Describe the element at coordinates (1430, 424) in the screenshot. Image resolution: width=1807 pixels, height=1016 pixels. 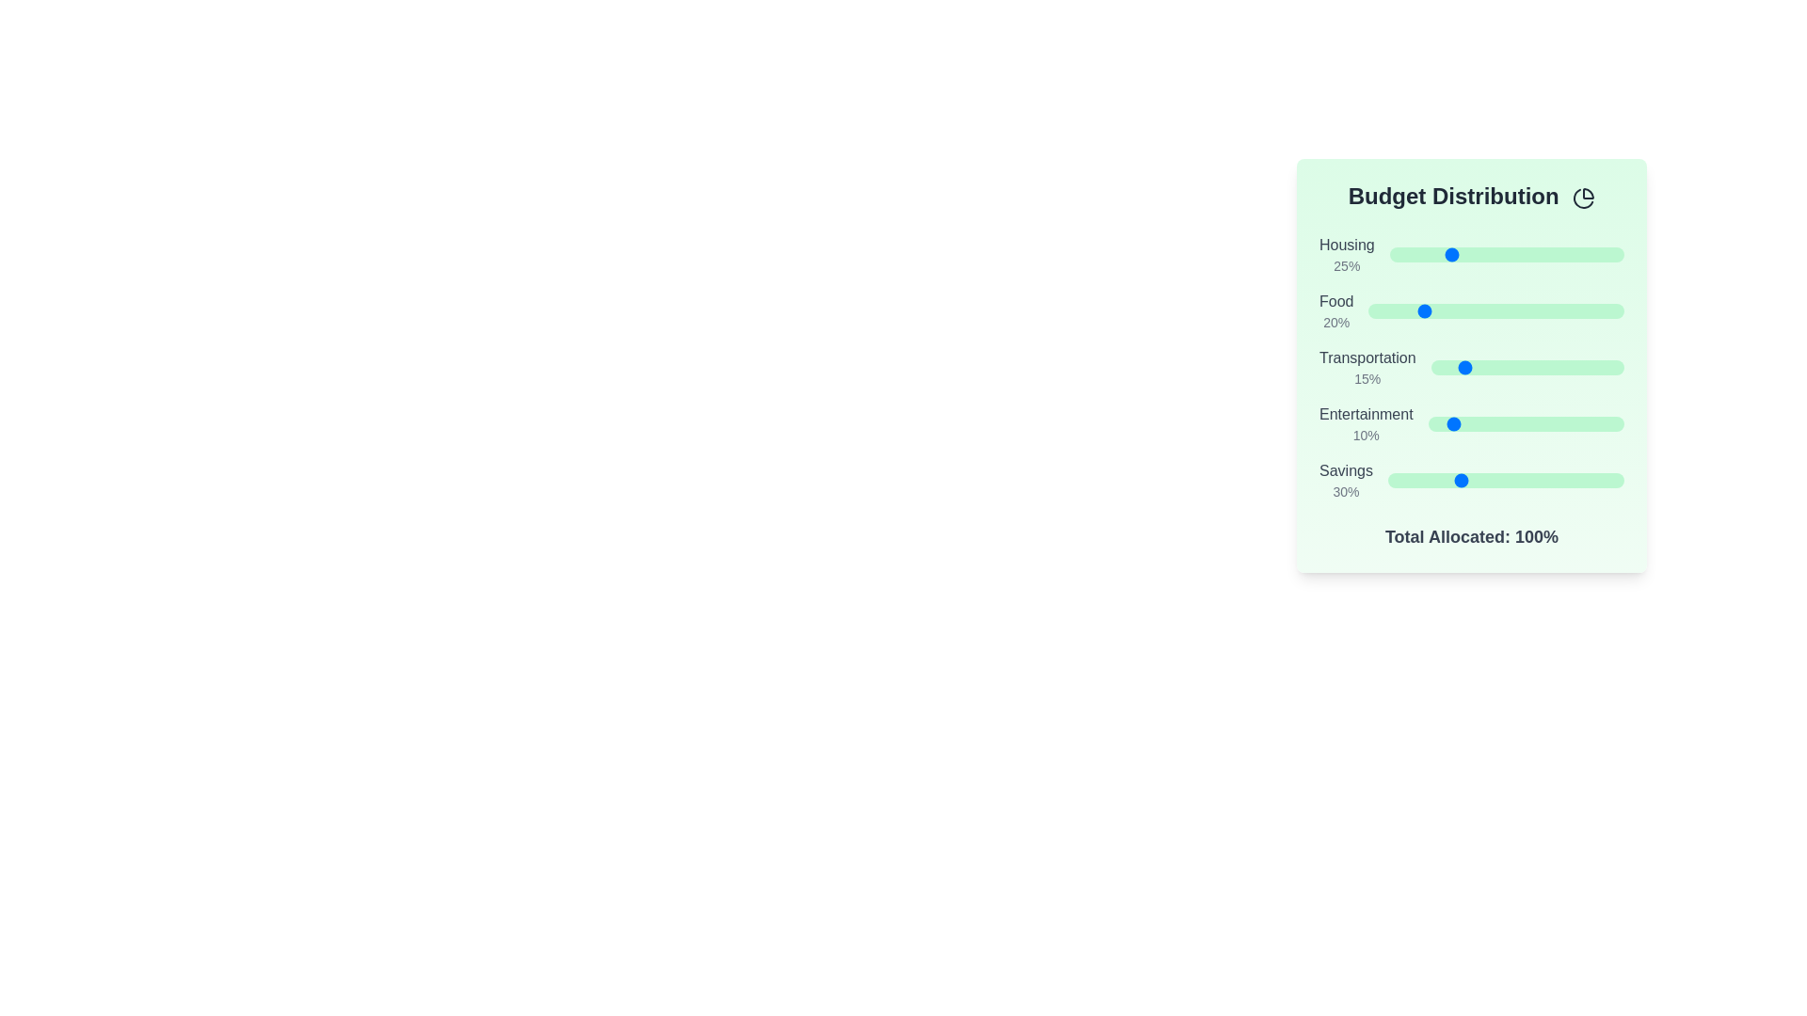
I see `the slider for 'Entertainment' to set its percentage to 1` at that location.